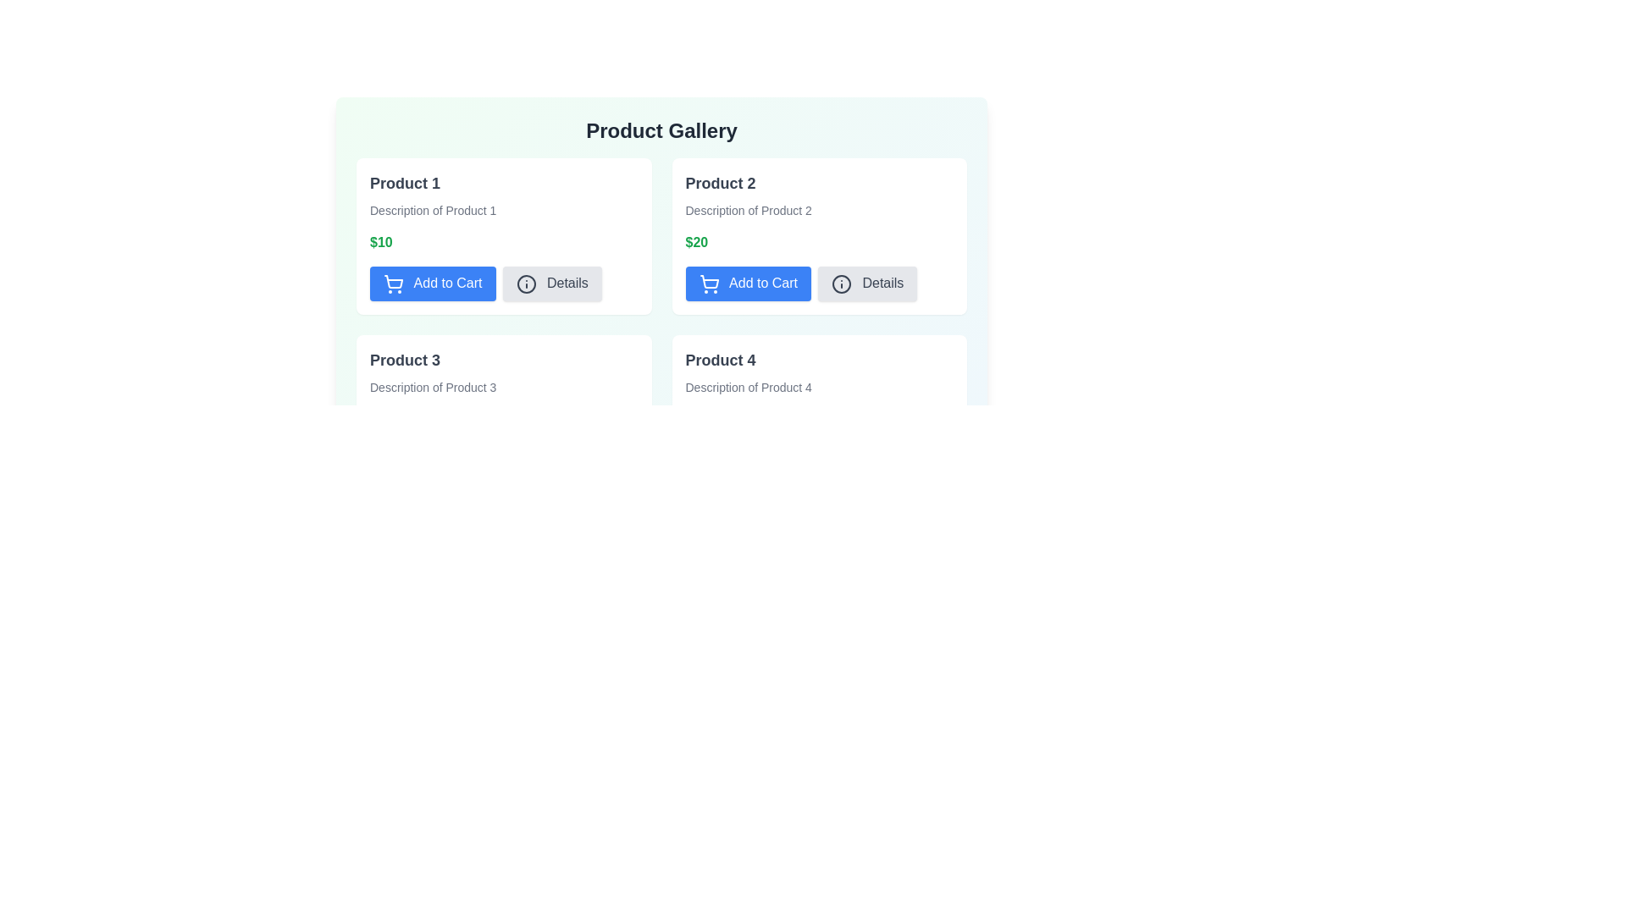 The height and width of the screenshot is (914, 1626). What do you see at coordinates (525, 283) in the screenshot?
I see `the Circle element that serves as a decorative or informational outline for the detail-related action icon within the 'Product 2' card, which is centrally positioned in the card's details section` at bounding box center [525, 283].